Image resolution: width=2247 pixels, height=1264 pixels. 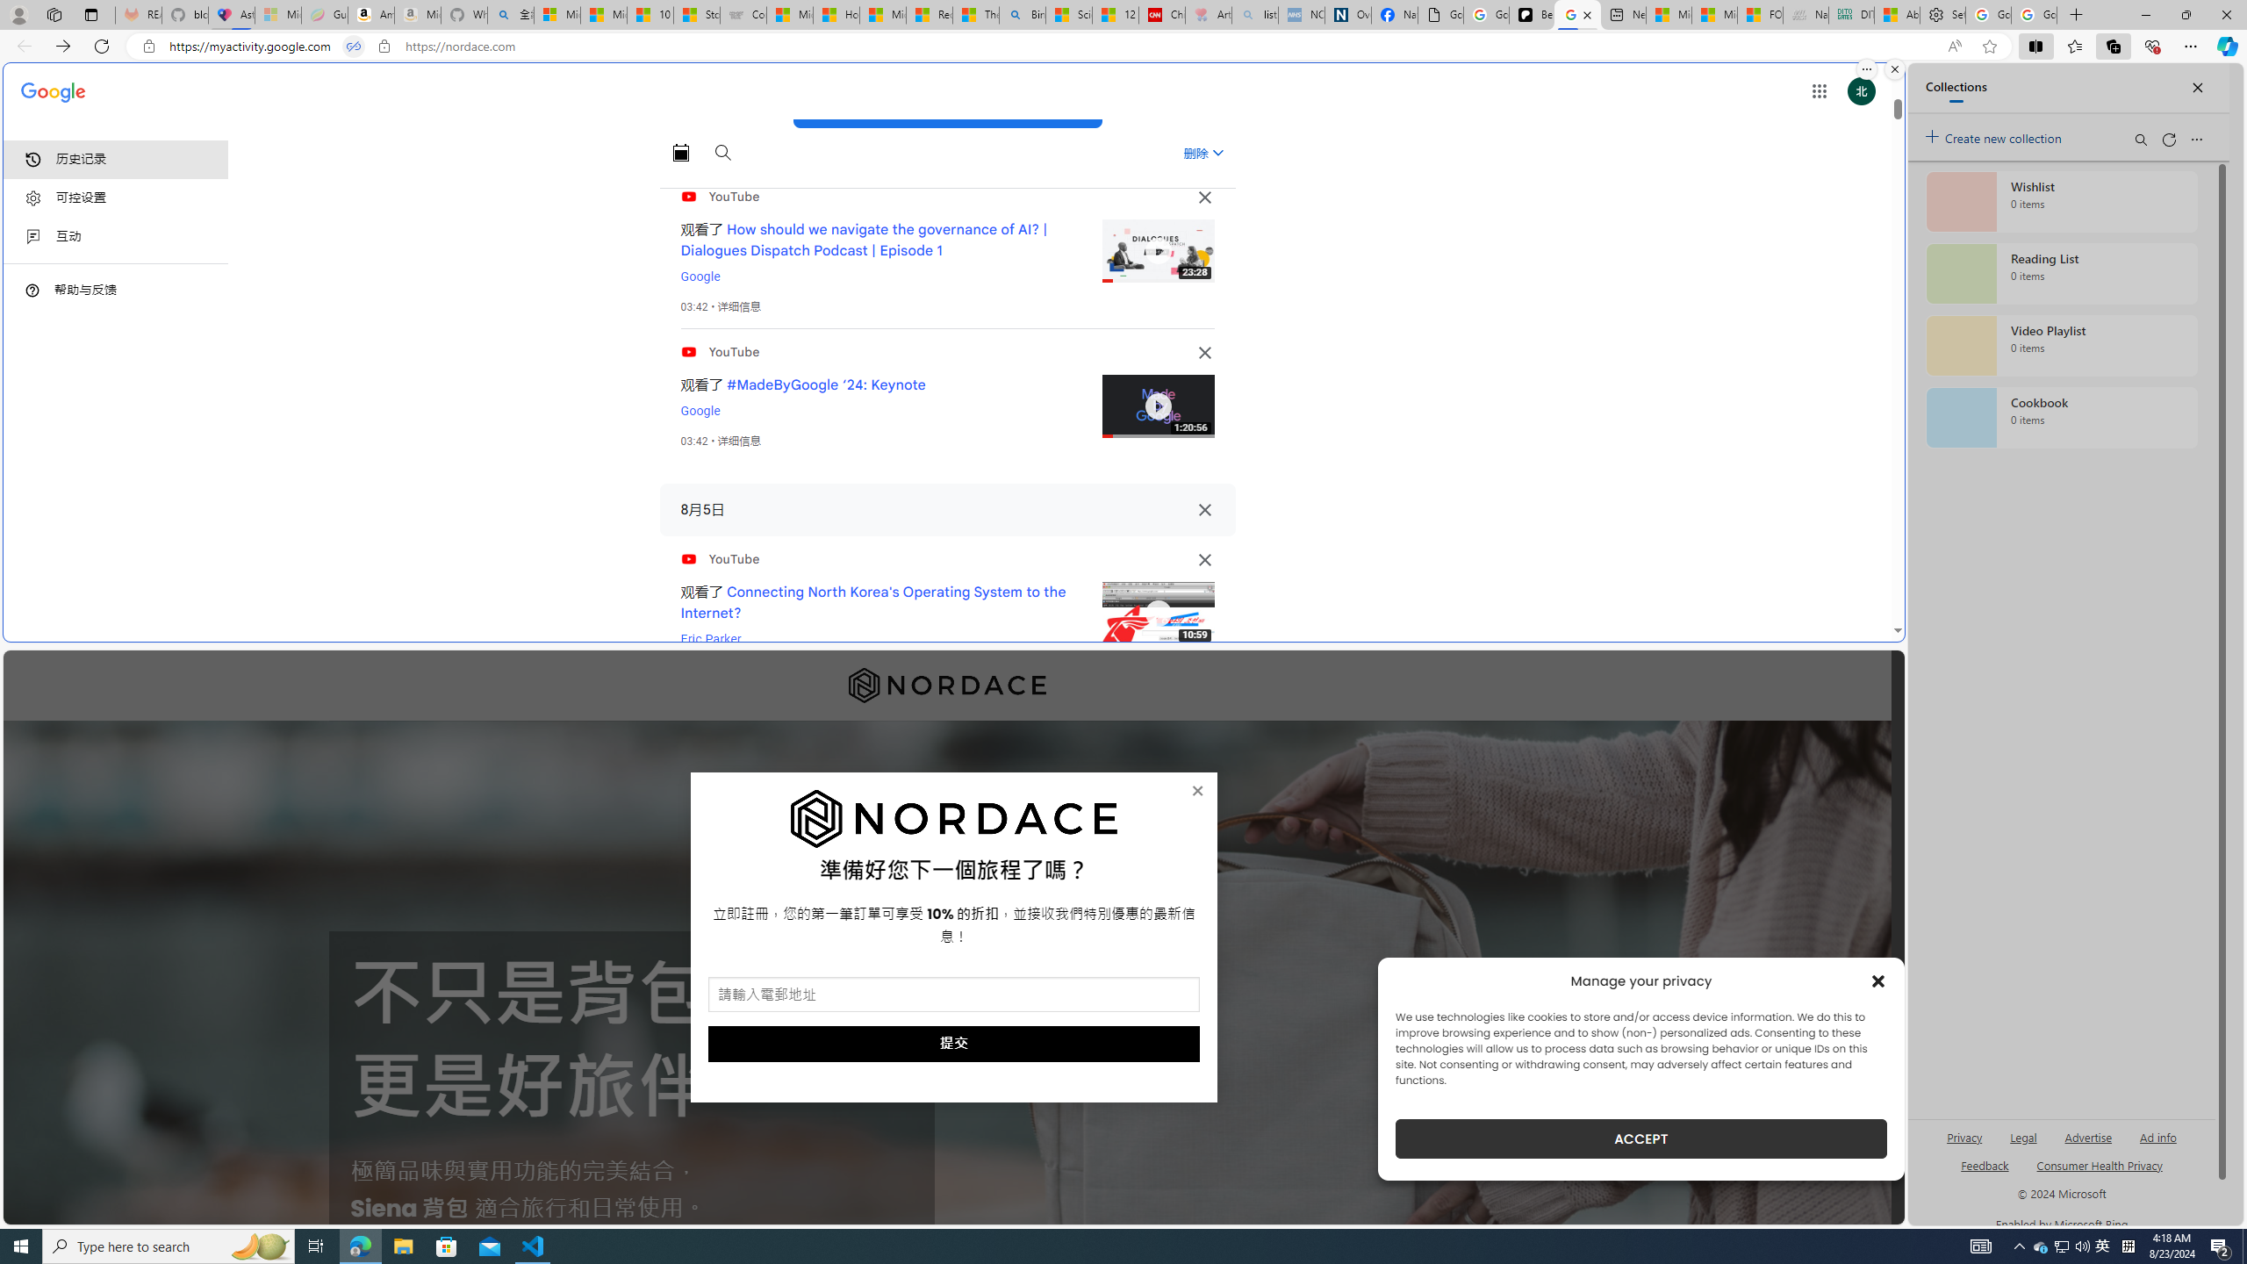 What do you see at coordinates (1878, 980) in the screenshot?
I see `'Class: cmplz-close'` at bounding box center [1878, 980].